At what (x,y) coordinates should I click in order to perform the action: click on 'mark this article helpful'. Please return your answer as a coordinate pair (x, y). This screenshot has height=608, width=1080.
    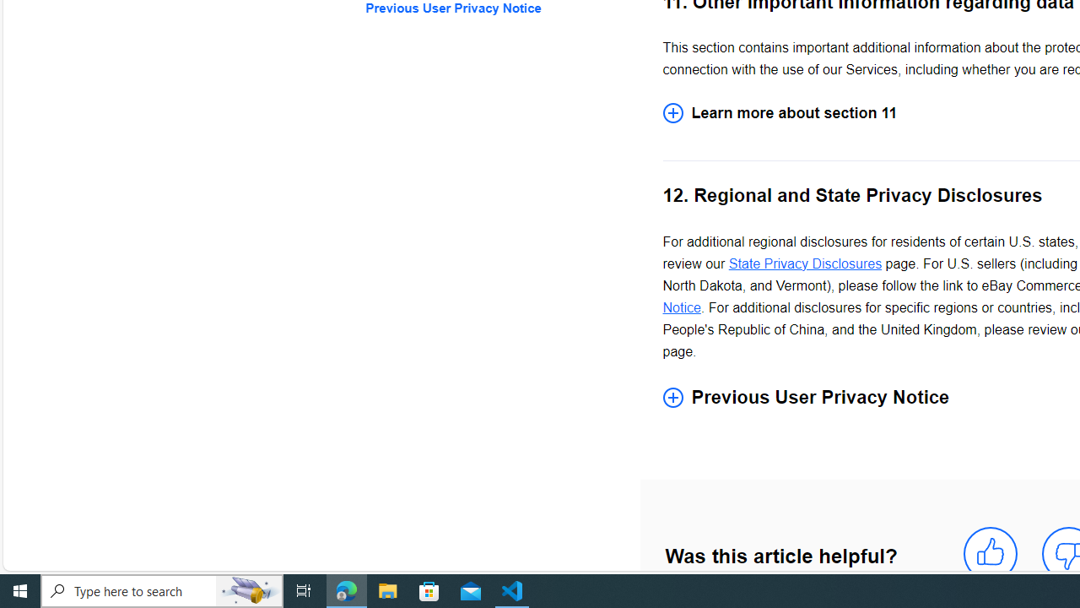
    Looking at the image, I should click on (990, 555).